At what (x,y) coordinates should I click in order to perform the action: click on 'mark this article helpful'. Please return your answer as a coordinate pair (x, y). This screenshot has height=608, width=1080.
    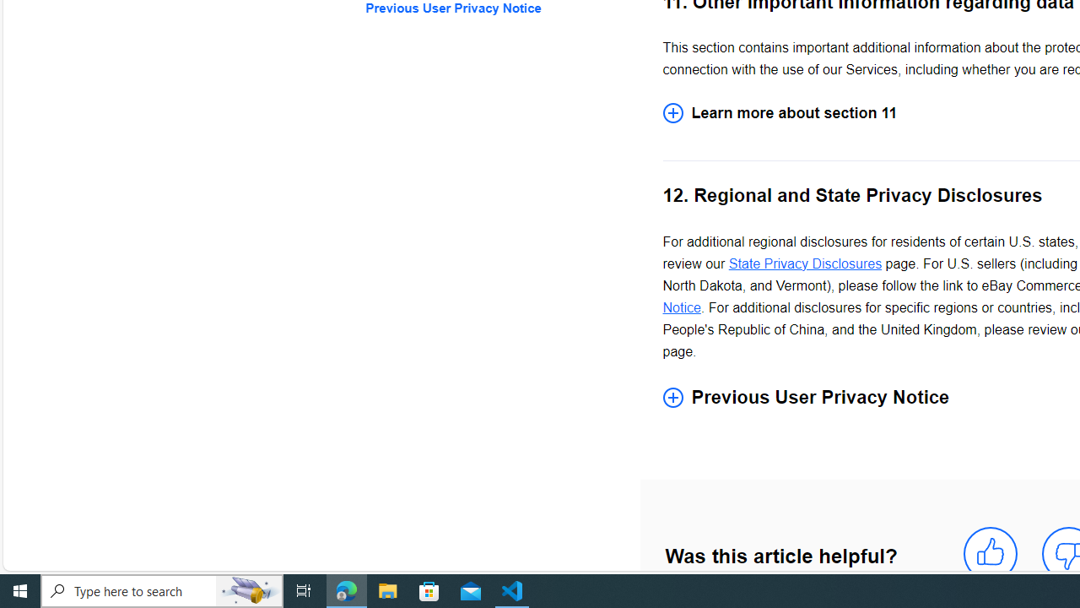
    Looking at the image, I should click on (990, 555).